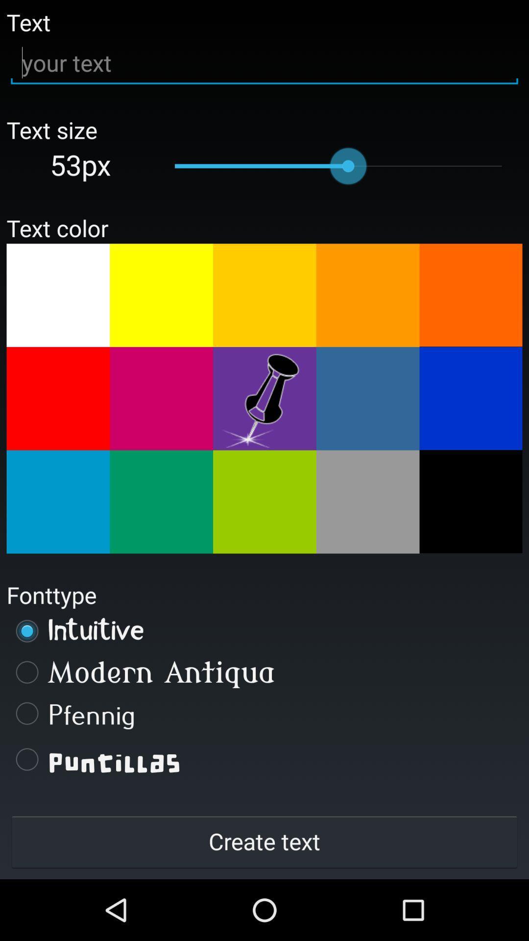 The image size is (529, 941). I want to click on current color, so click(264, 398).